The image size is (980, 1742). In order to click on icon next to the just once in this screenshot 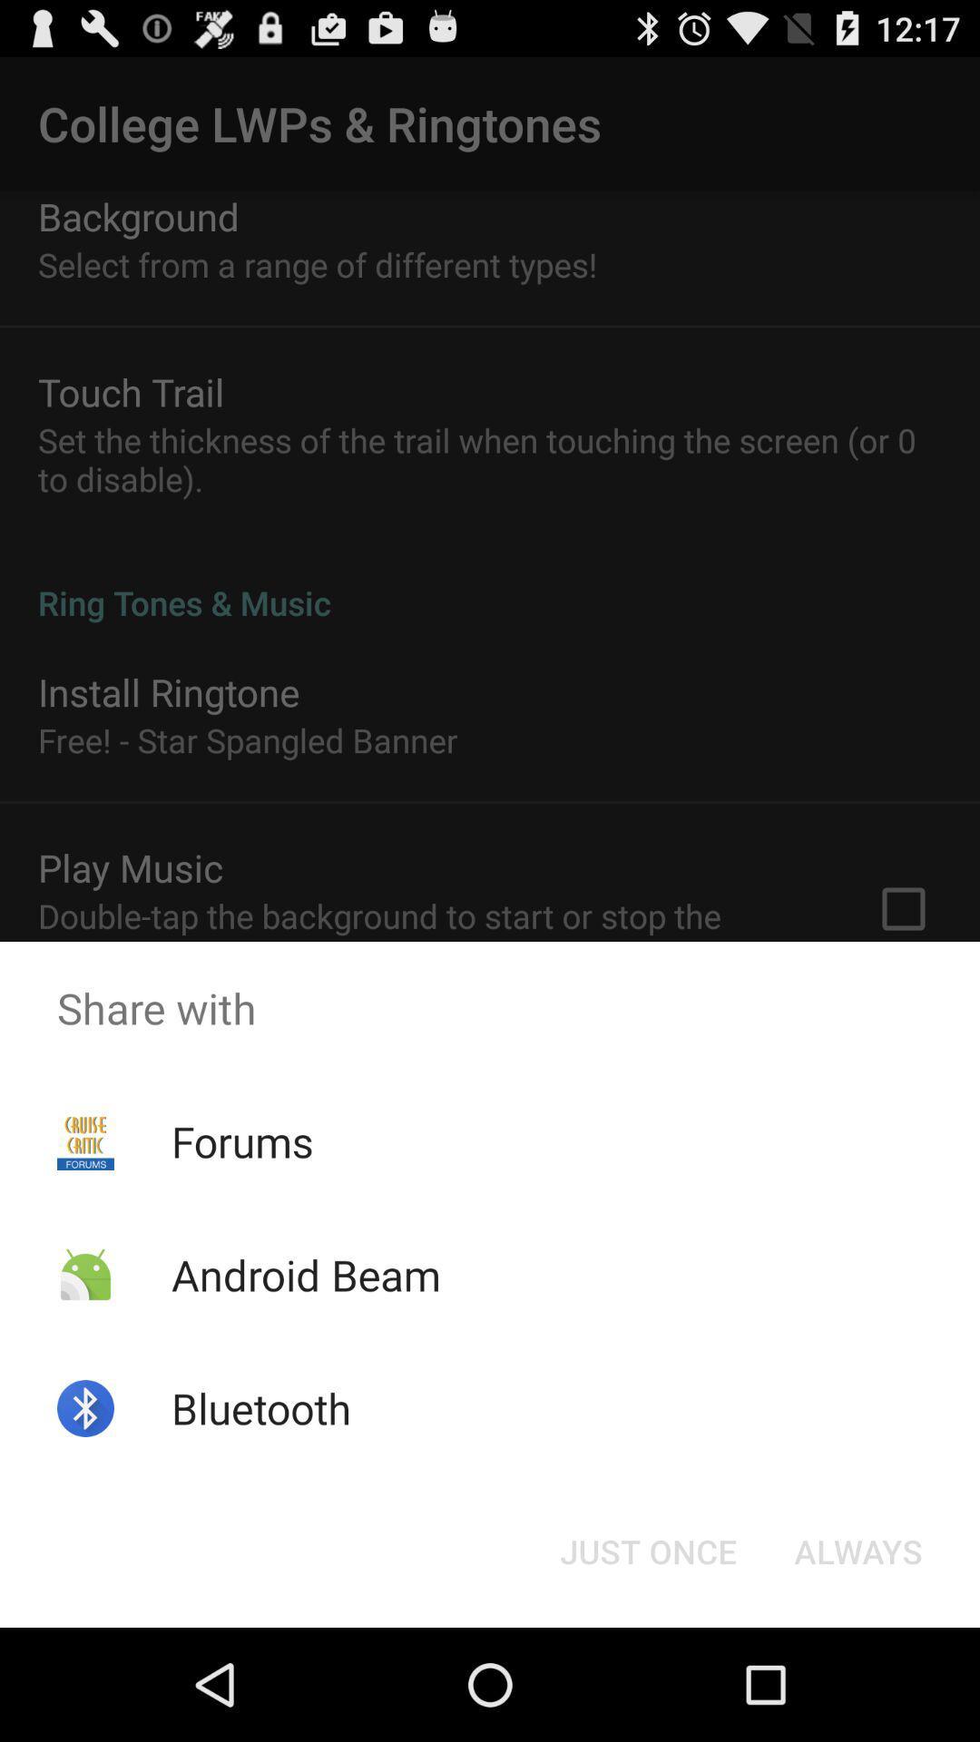, I will do `click(857, 1550)`.